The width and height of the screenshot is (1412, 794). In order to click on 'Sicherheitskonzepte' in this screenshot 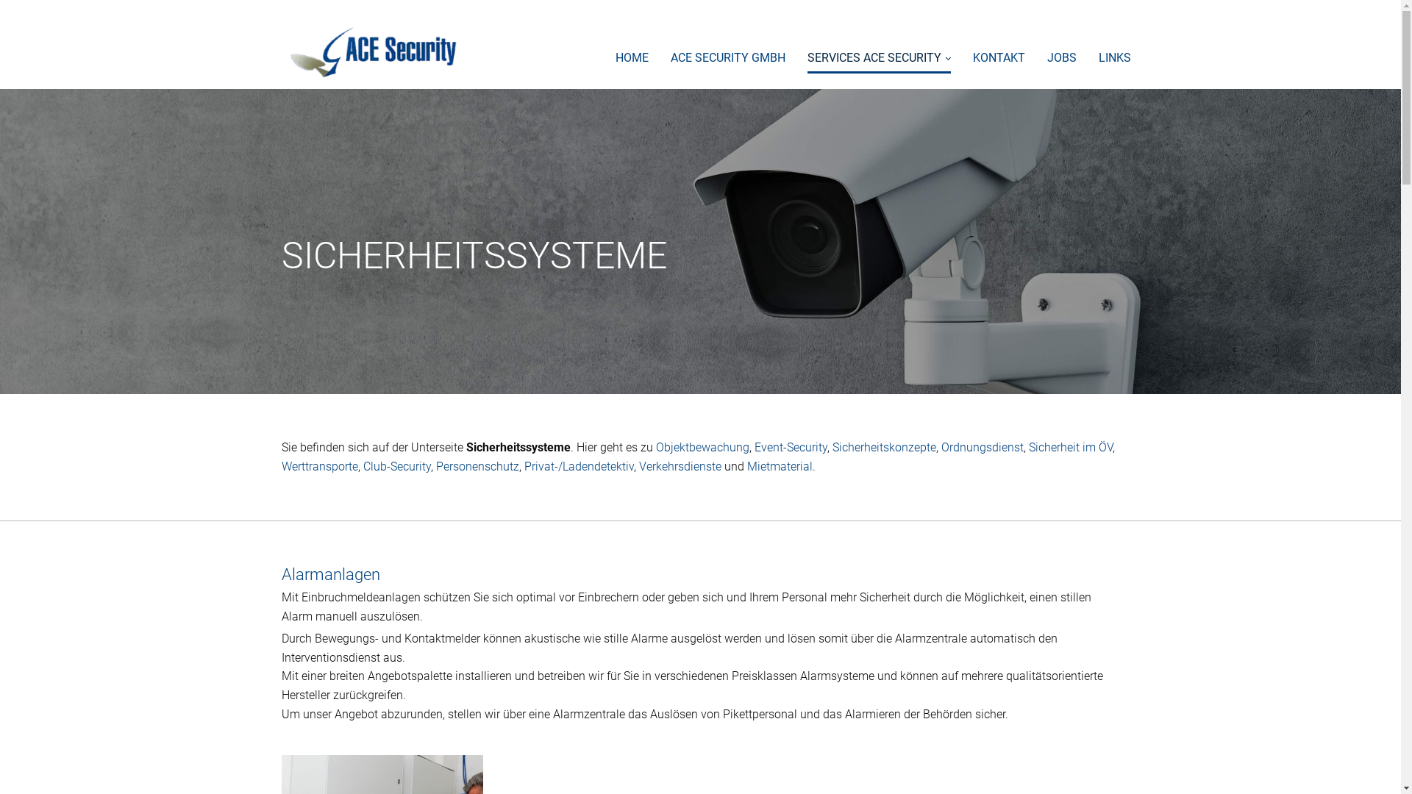, I will do `click(883, 446)`.